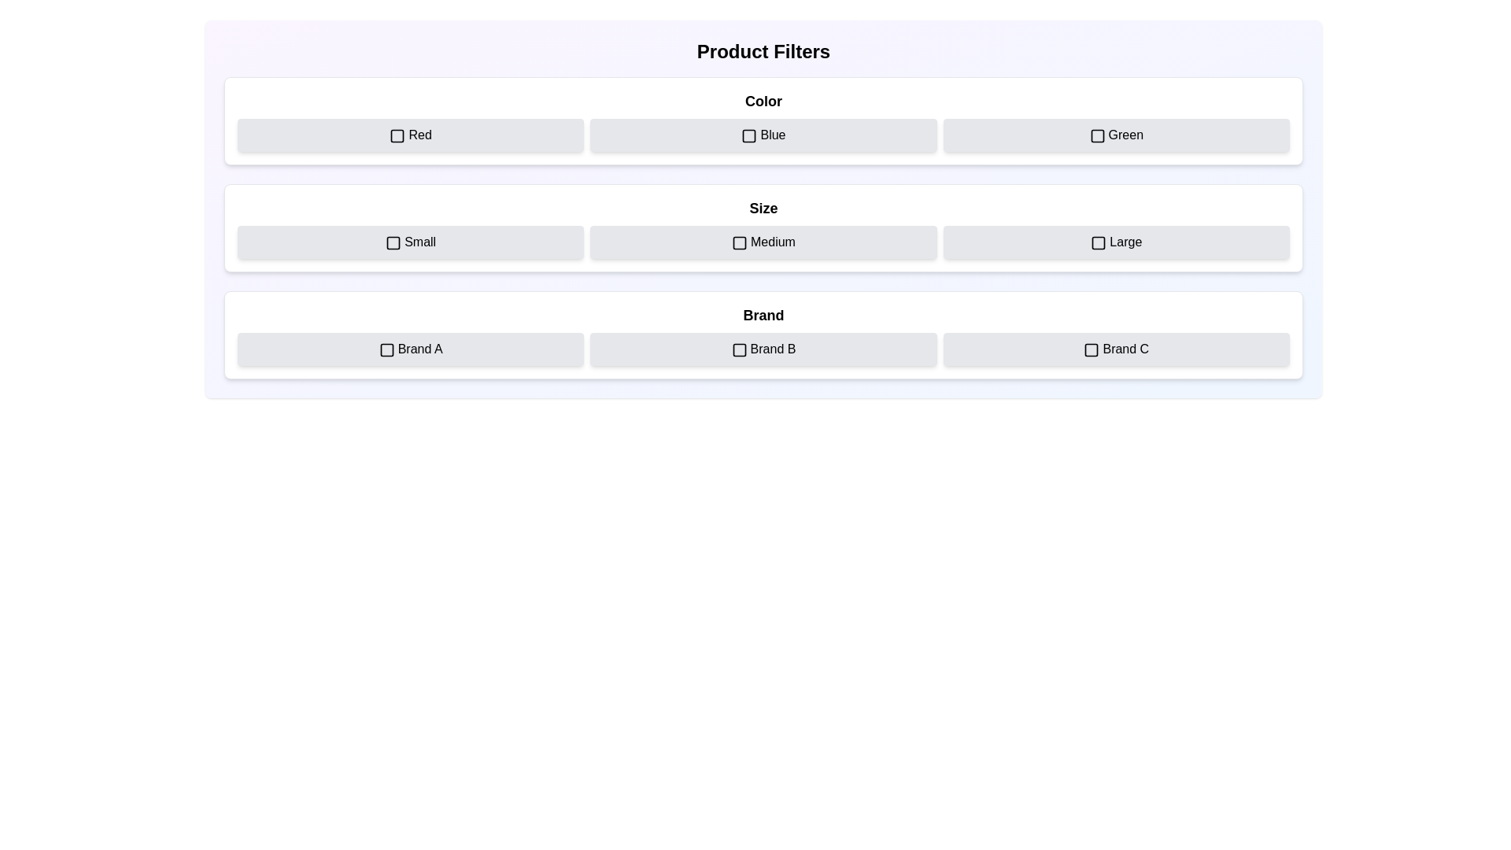 The image size is (1511, 850). I want to click on the square icon representing a checkbox or toggle state indicator, which is located within the button labeled 'Small' in the 'Size' group, so click(393, 242).